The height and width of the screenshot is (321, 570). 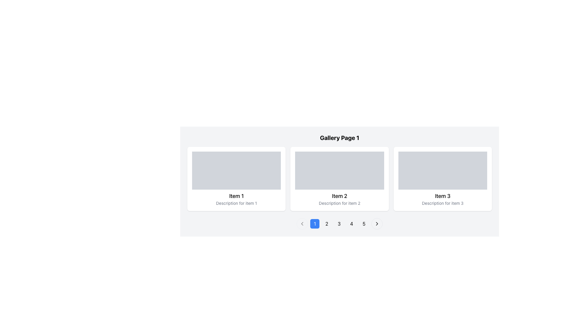 What do you see at coordinates (302, 224) in the screenshot?
I see `the chevron icon embedded in the circular button` at bounding box center [302, 224].